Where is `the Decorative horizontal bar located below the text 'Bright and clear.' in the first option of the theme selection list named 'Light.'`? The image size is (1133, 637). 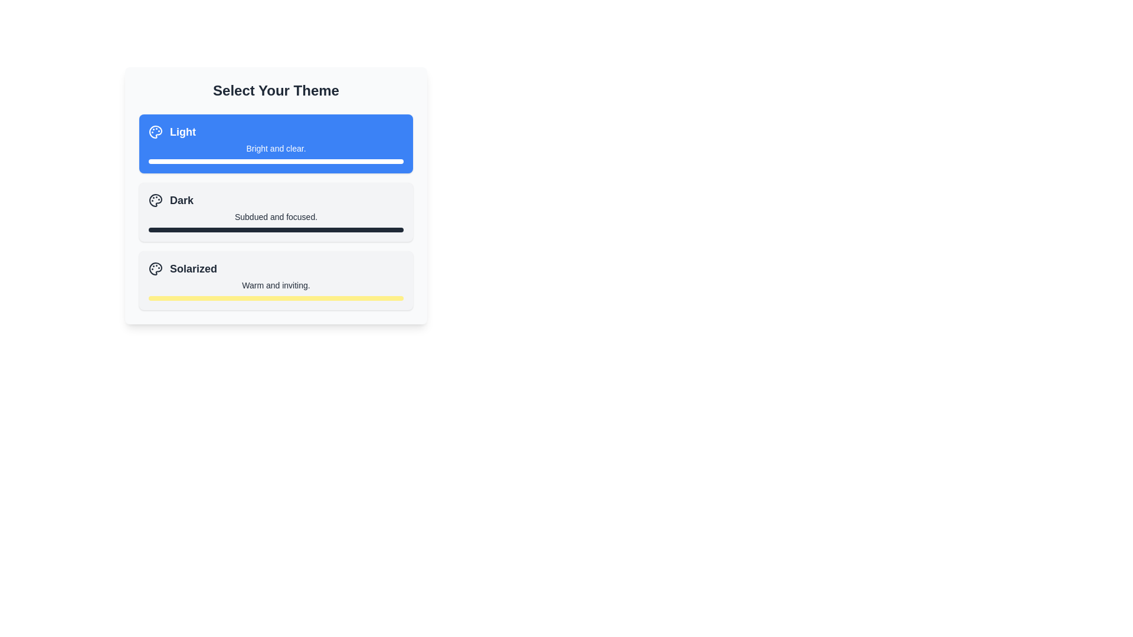
the Decorative horizontal bar located below the text 'Bright and clear.' in the first option of the theme selection list named 'Light.' is located at coordinates (275, 161).